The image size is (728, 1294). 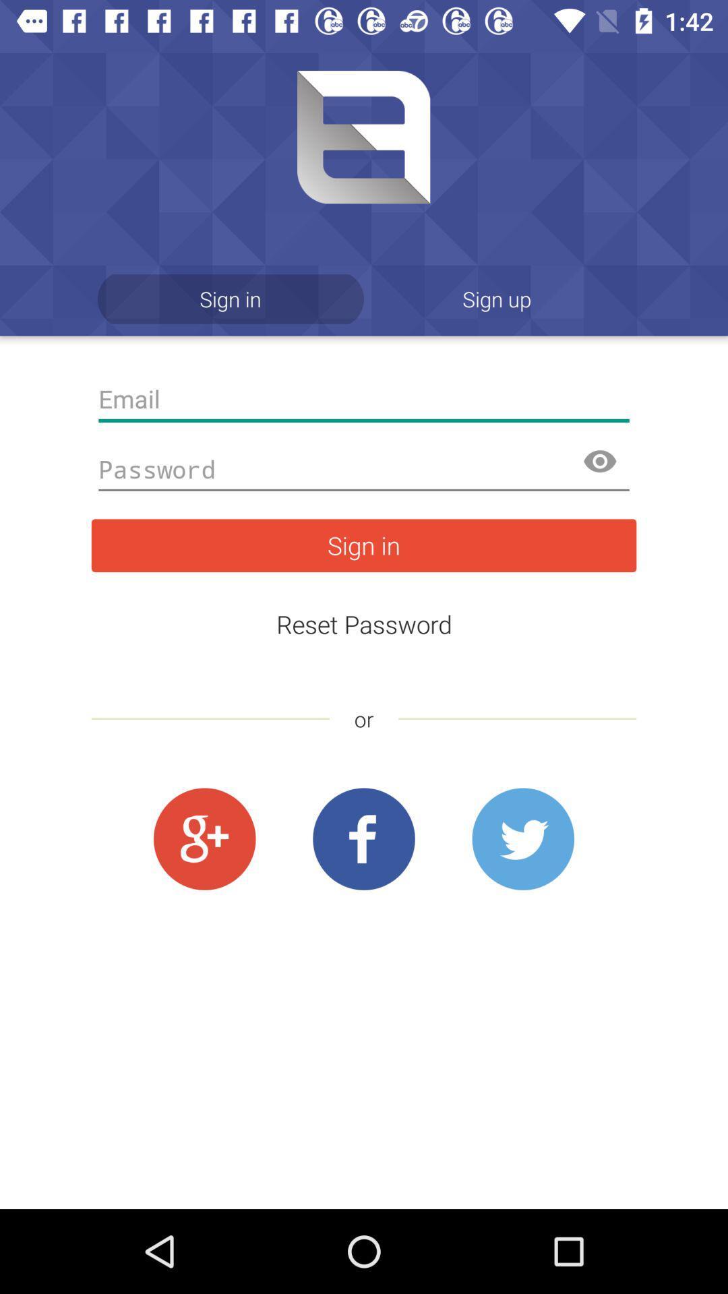 I want to click on the button next to sign in, so click(x=497, y=298).